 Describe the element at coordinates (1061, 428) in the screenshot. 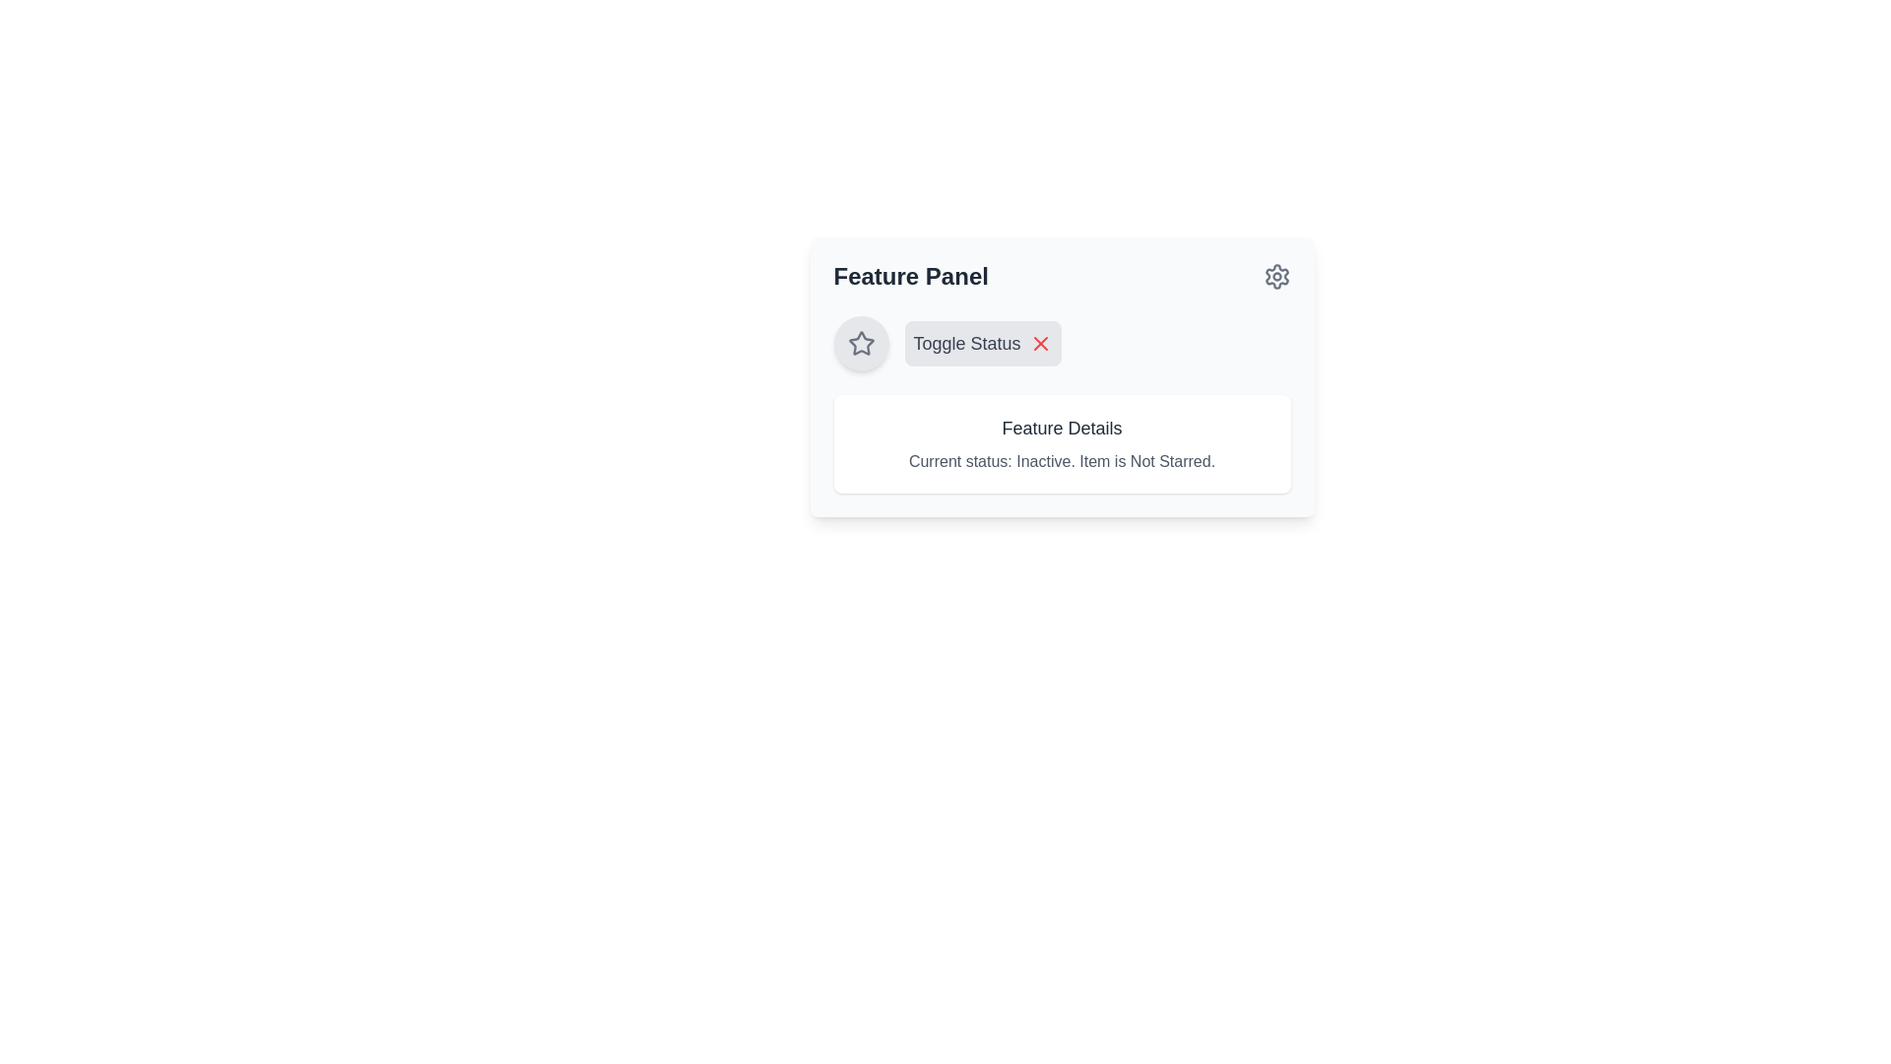

I see `the Text label that serves as a heading for the settings or information presented beneath it, located in the bottom section of the 'Feature Panel', positioned above the text 'Current status: Inactive. Item is Not Starred.'` at that location.